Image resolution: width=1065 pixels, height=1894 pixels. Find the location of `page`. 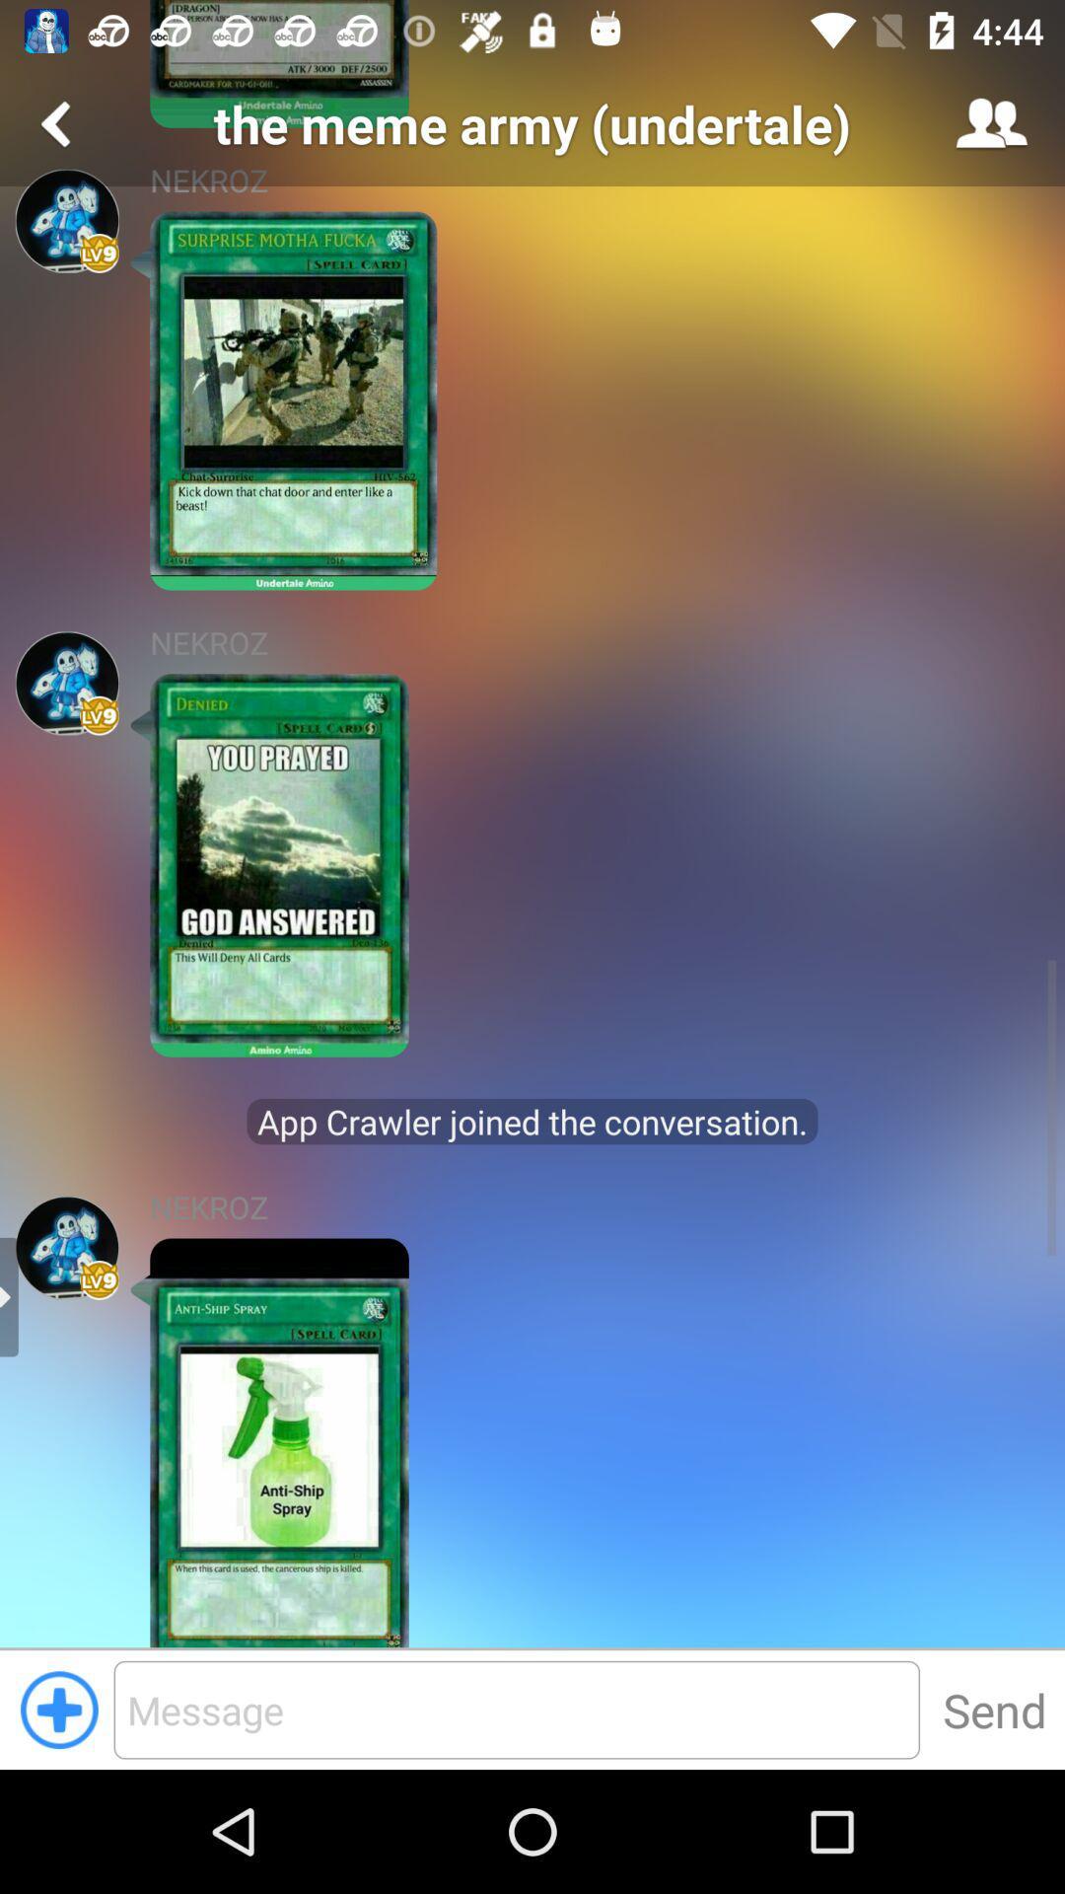

page is located at coordinates (58, 1709).